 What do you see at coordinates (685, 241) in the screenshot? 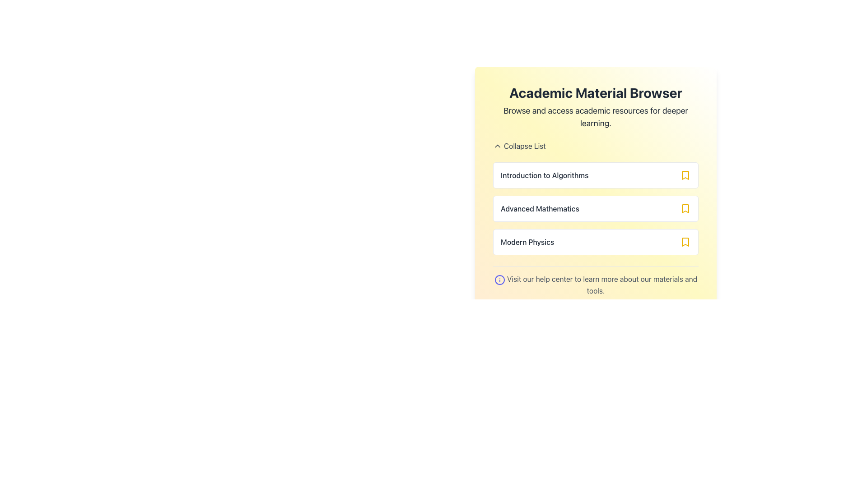
I see `the bookmark icon, which is a yellow-stroked page marker shape located next to the 'Modern Physics' text` at bounding box center [685, 241].